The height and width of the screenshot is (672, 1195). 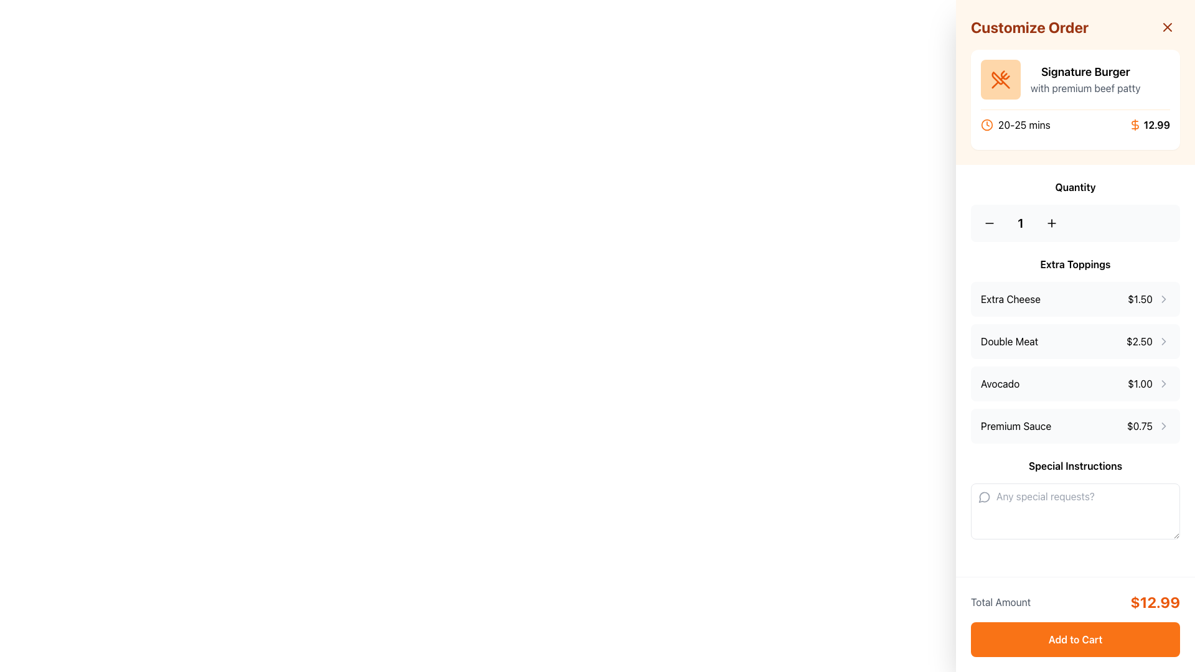 What do you see at coordinates (1021, 222) in the screenshot?
I see `the text display that indicates the current quantity of the selected item in the order customization interface, located centrally within the quantity selector` at bounding box center [1021, 222].